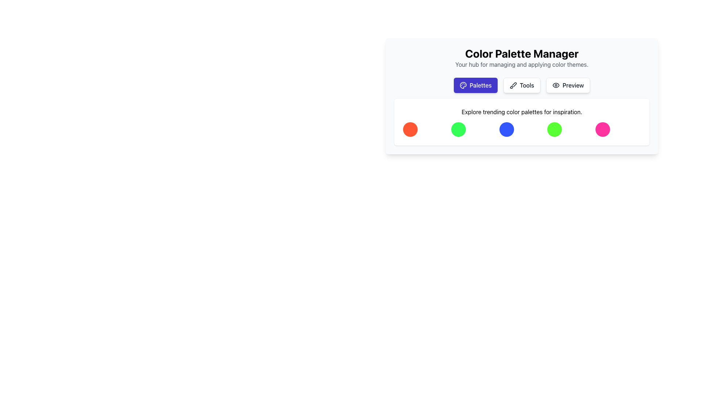 This screenshot has width=701, height=394. I want to click on outer structure of the eye icon located in the top-right corner of the interface to examine its visual style or SVG properties, so click(555, 85).